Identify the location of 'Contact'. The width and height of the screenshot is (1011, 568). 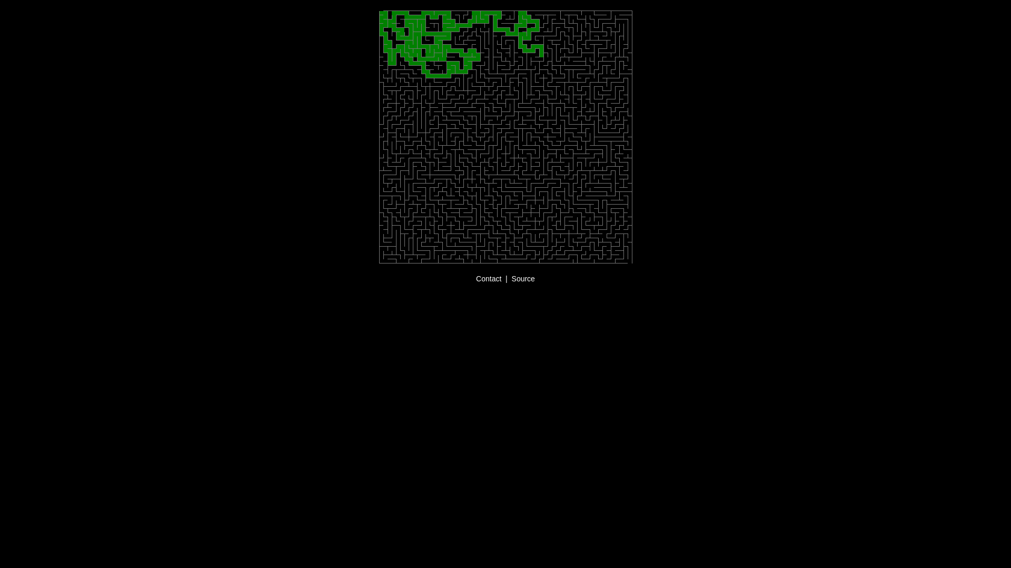
(488, 278).